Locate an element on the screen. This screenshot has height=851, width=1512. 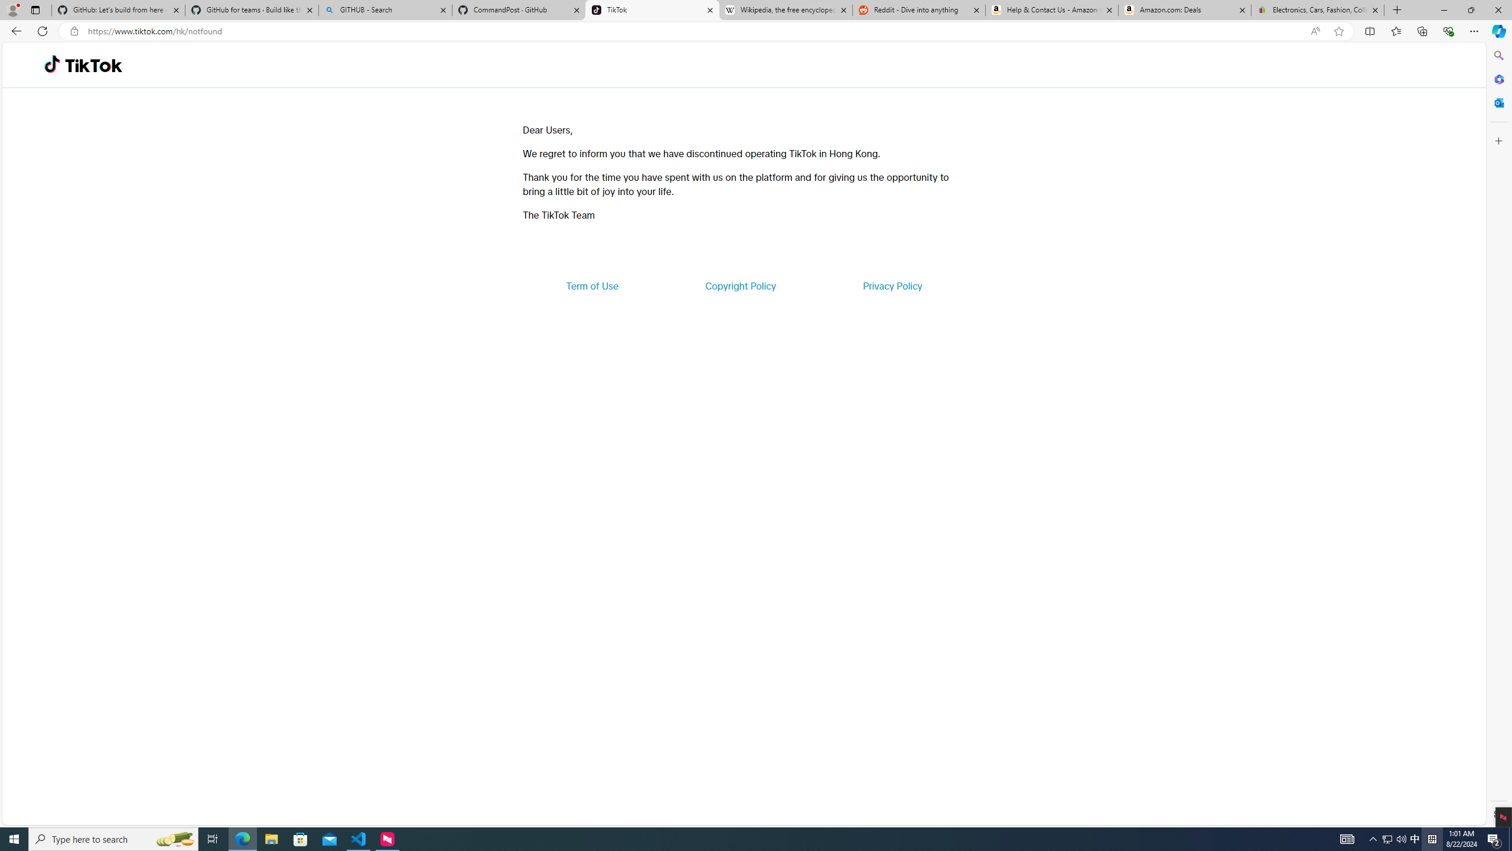
'Copyright Policy' is located at coordinates (739, 285).